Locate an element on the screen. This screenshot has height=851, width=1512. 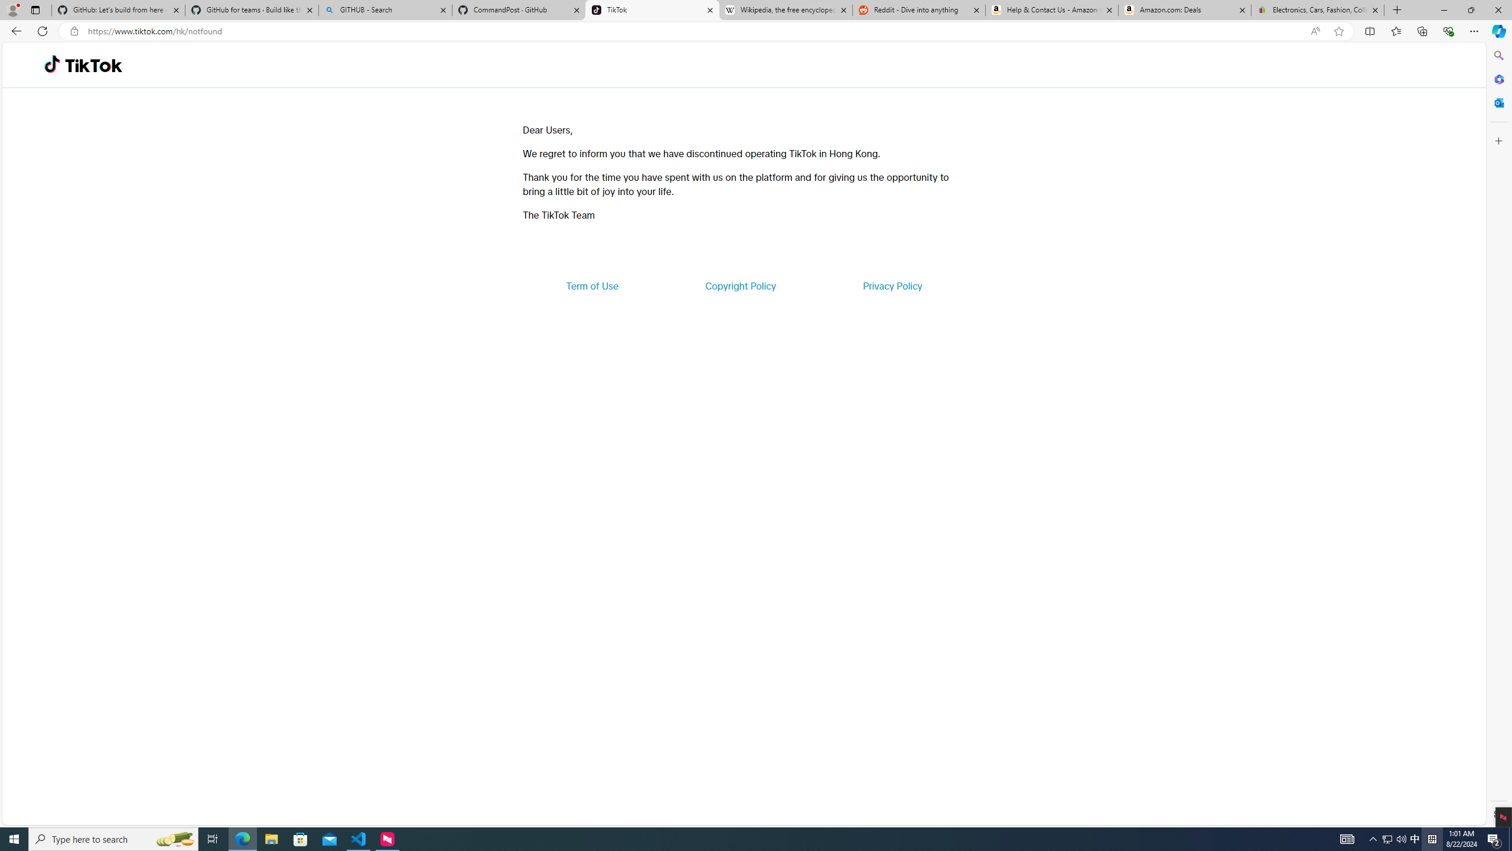
'Copyright Policy' is located at coordinates (739, 285).